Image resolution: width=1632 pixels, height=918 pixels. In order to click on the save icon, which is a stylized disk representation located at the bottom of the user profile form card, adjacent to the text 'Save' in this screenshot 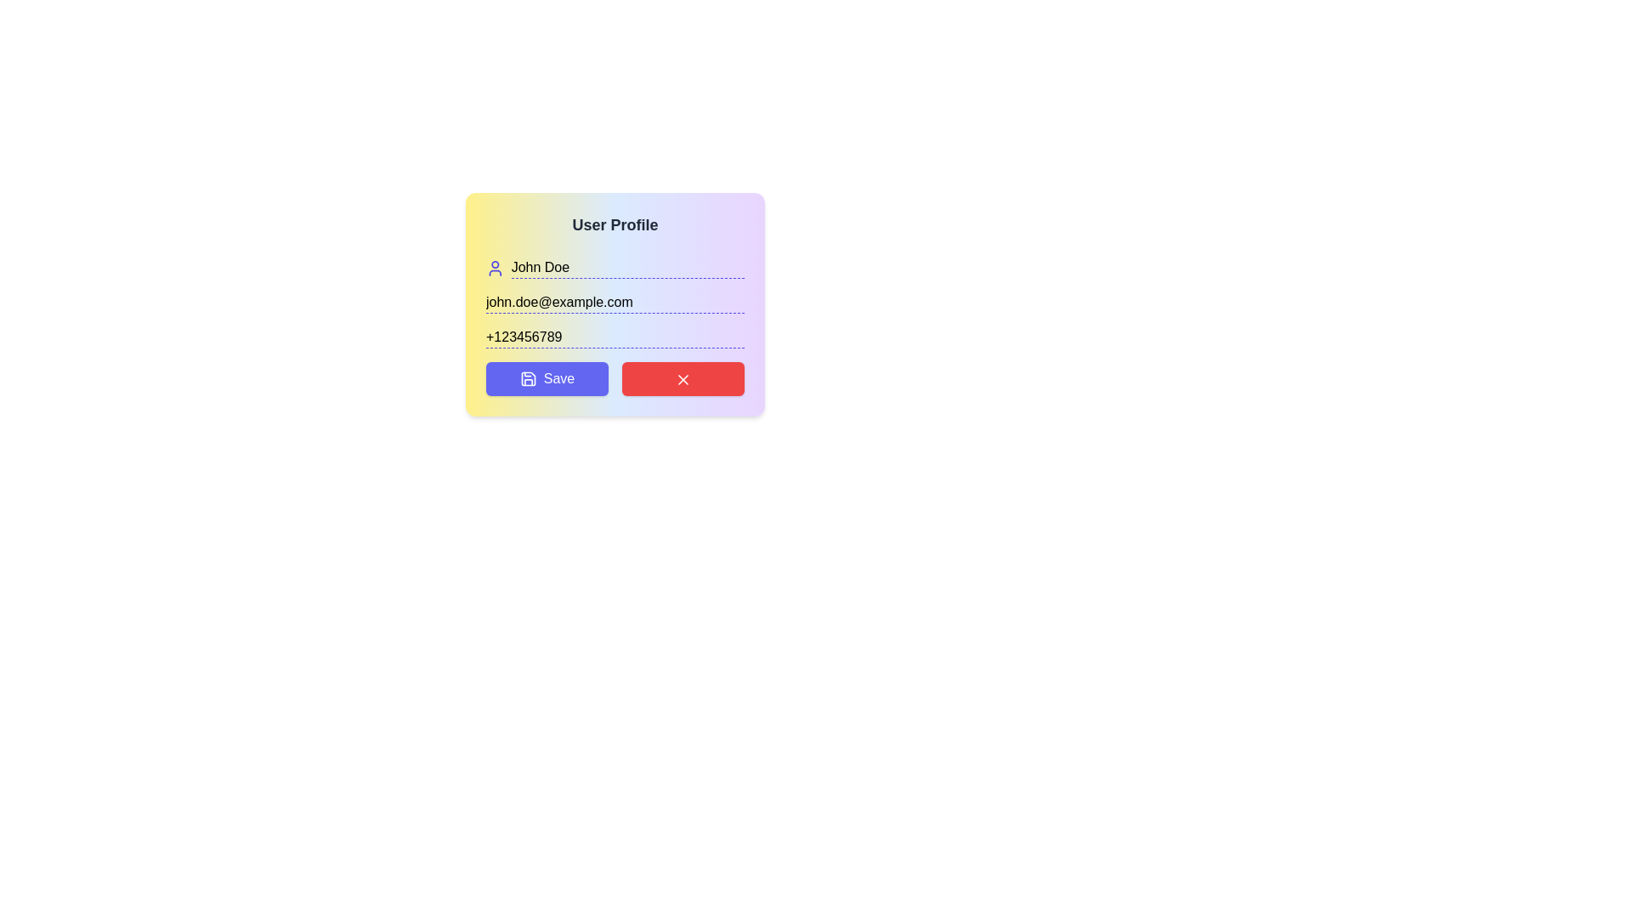, I will do `click(527, 378)`.